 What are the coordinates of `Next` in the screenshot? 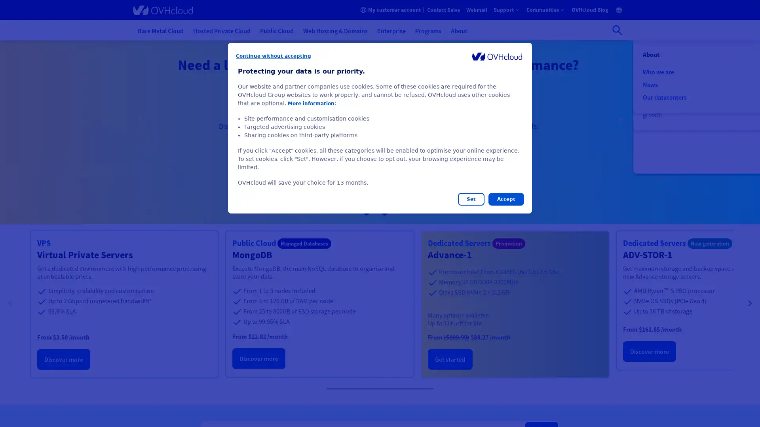 It's located at (749, 304).